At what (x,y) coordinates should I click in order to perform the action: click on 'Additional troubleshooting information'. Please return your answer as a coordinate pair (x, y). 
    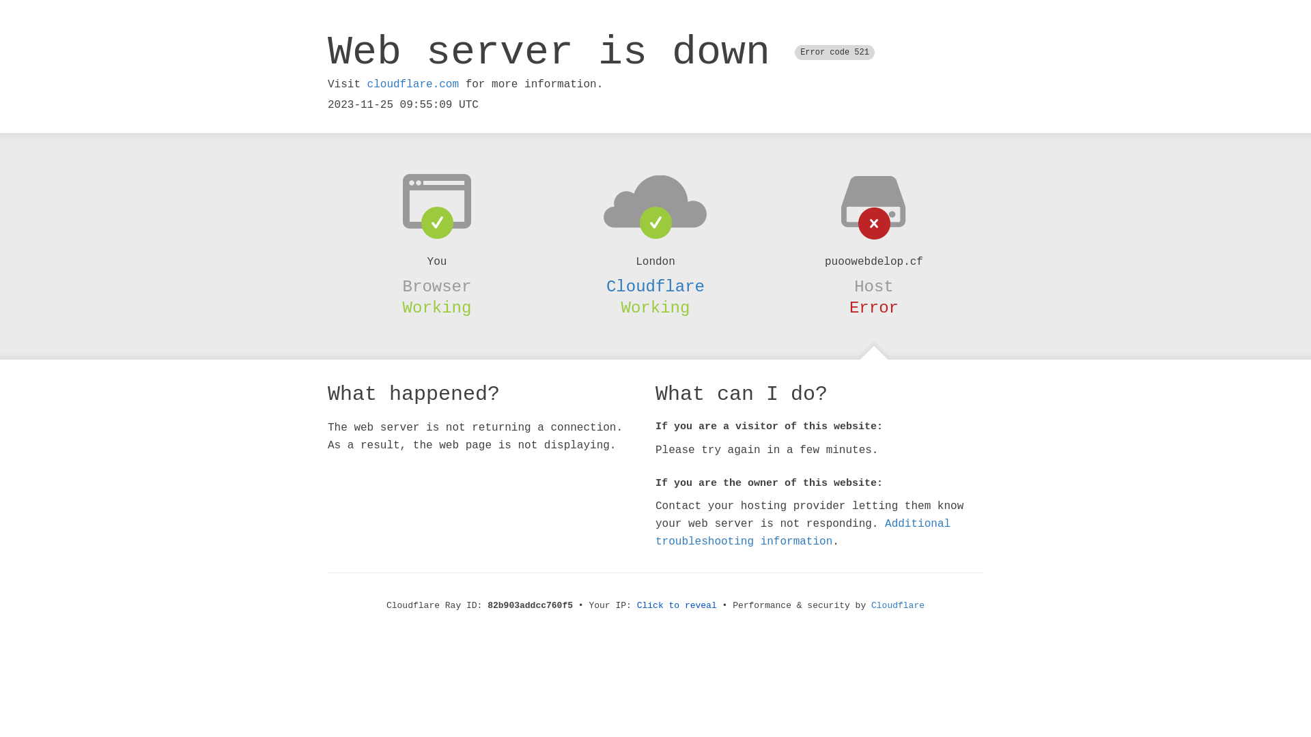
    Looking at the image, I should click on (803, 532).